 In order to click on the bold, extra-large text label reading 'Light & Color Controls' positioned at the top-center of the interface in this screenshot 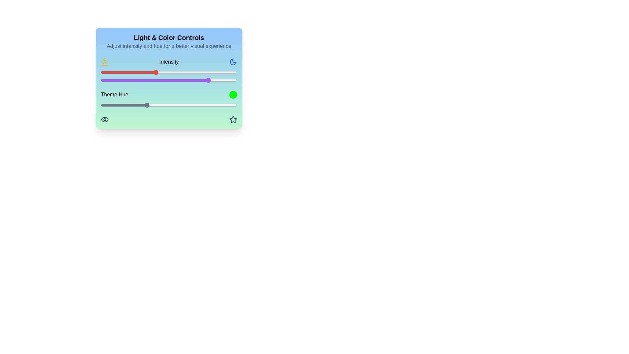, I will do `click(169, 38)`.